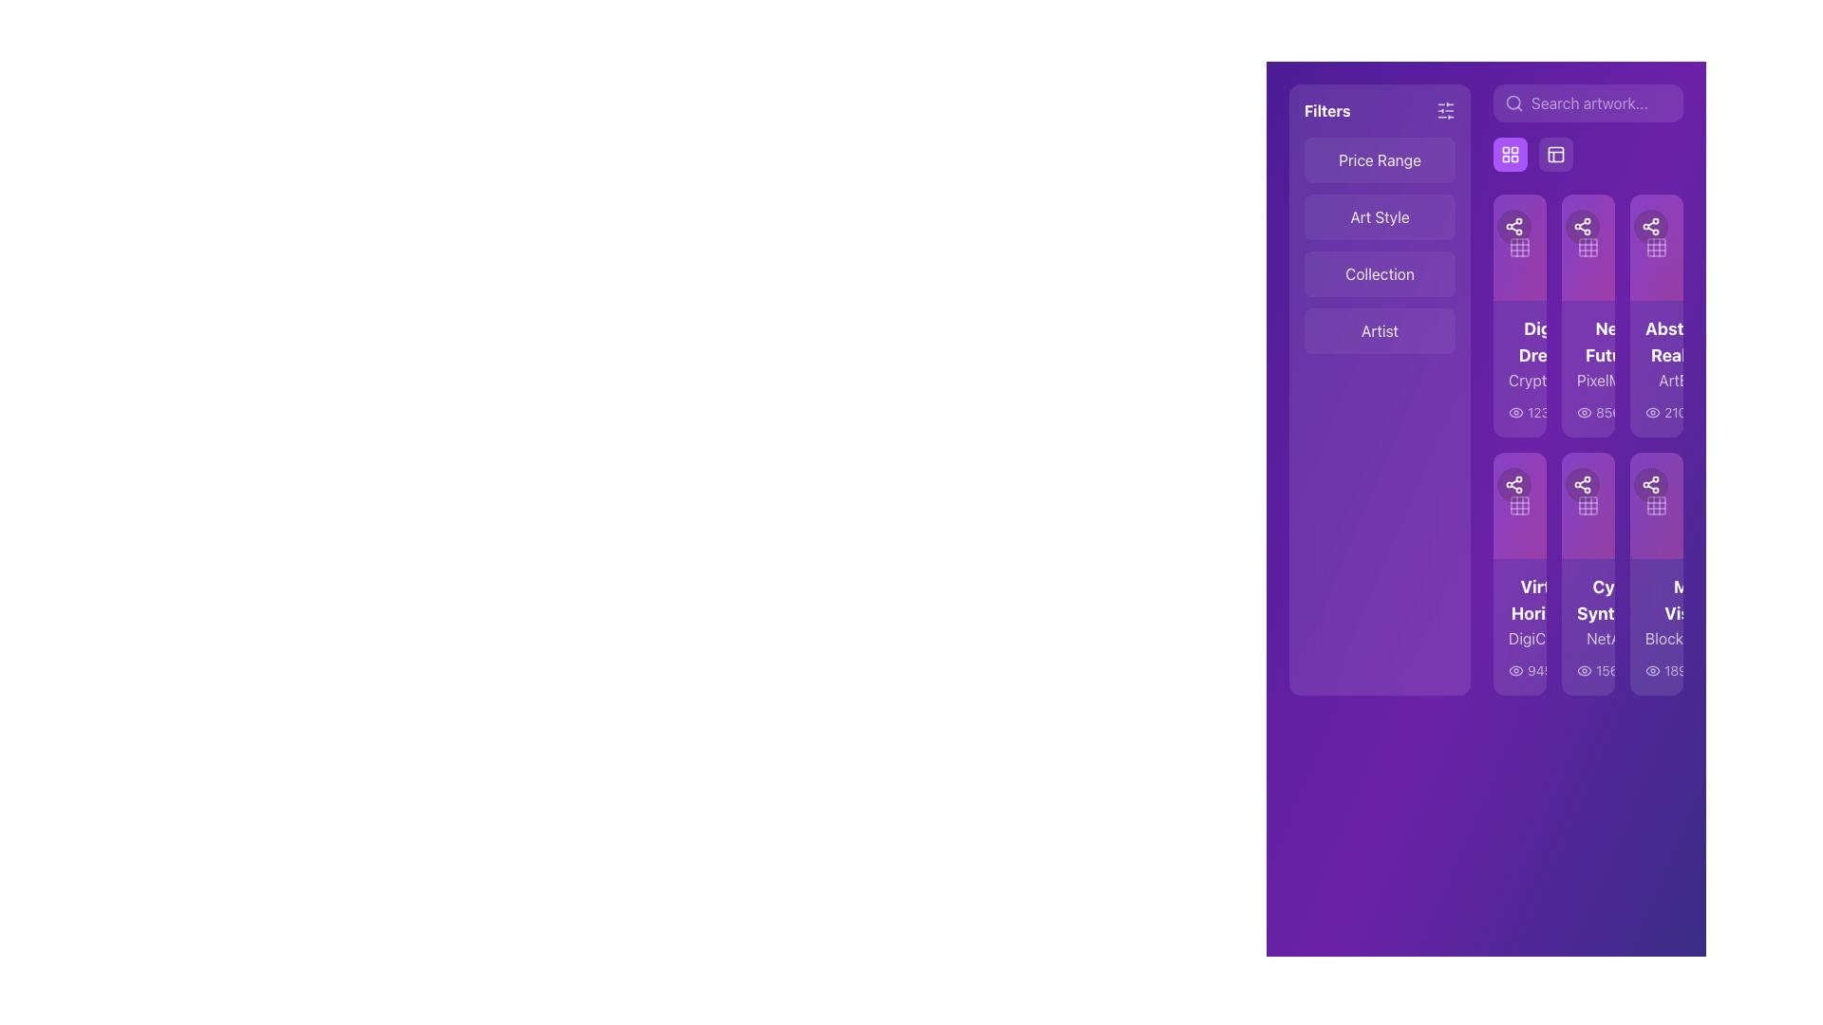 The width and height of the screenshot is (1823, 1025). What do you see at coordinates (1600, 412) in the screenshot?
I see `the hollow circular shape within the information icon located in the second column of the content grid` at bounding box center [1600, 412].